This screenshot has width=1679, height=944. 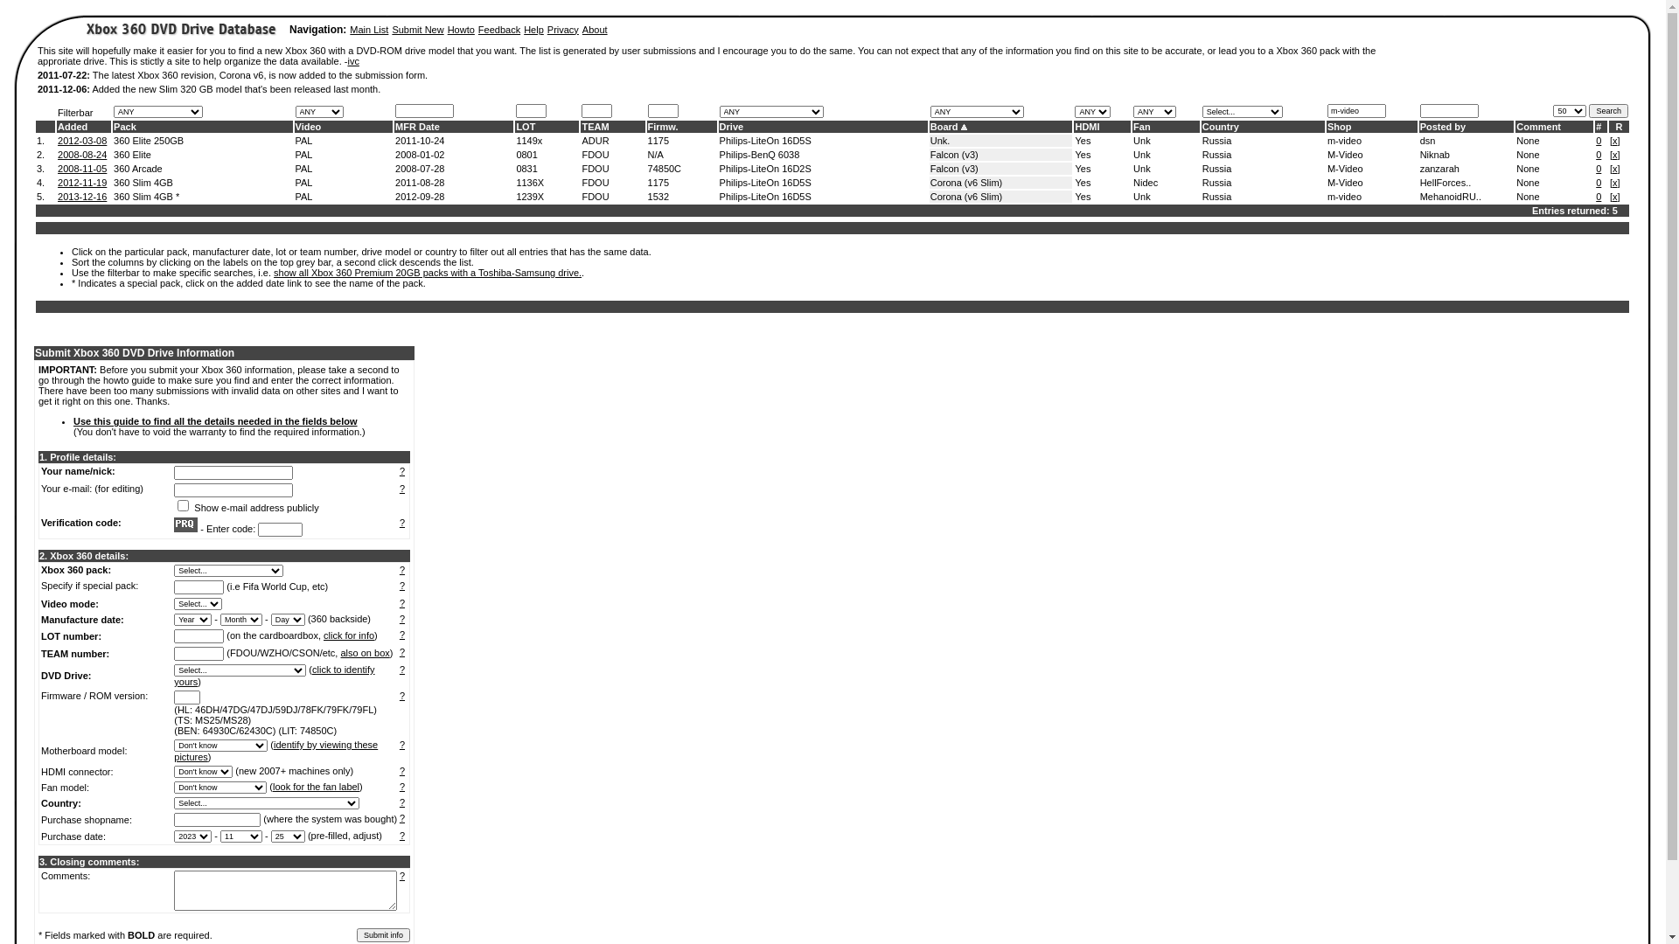 What do you see at coordinates (304, 154) in the screenshot?
I see `'PAL'` at bounding box center [304, 154].